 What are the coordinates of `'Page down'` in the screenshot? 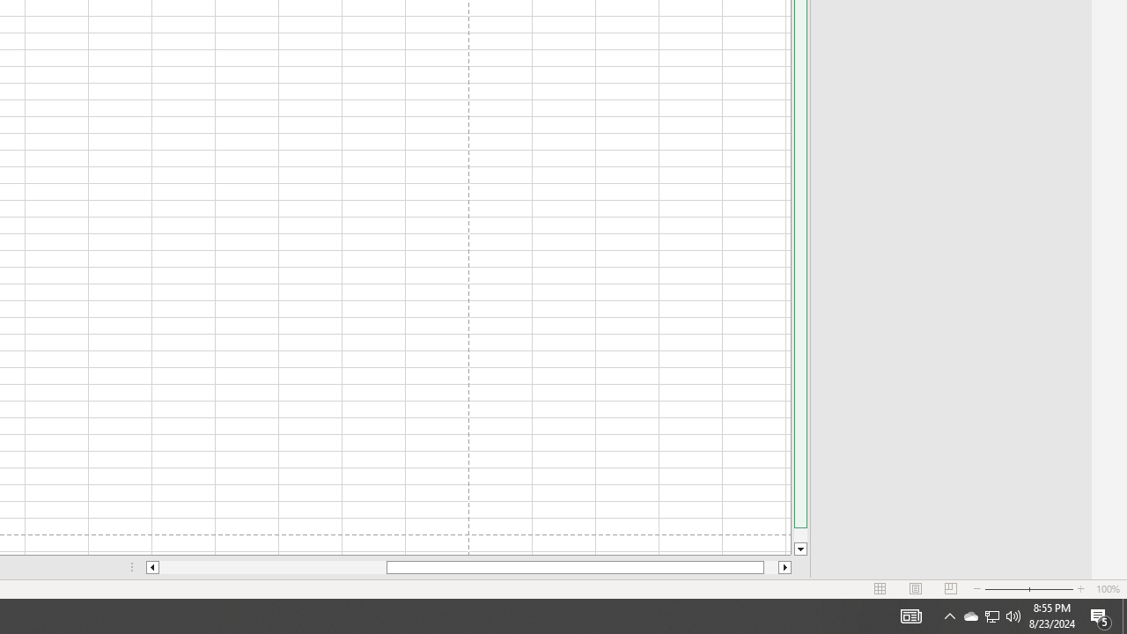 It's located at (799, 534).